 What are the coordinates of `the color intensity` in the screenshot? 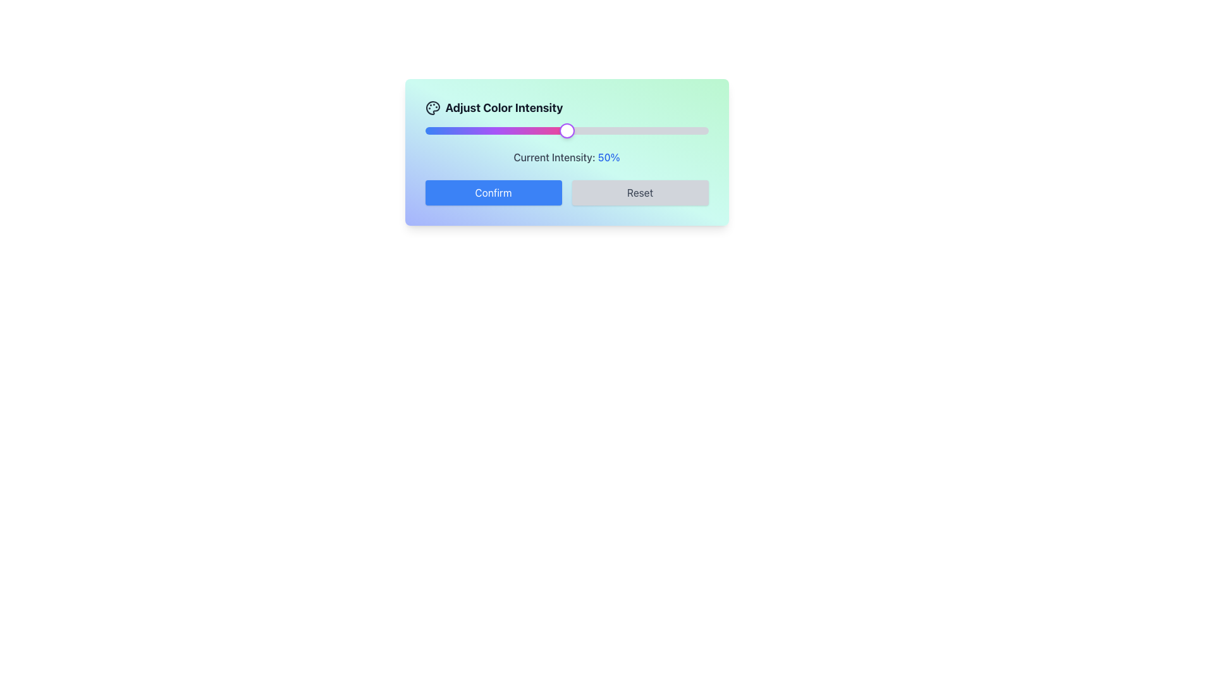 It's located at (510, 131).